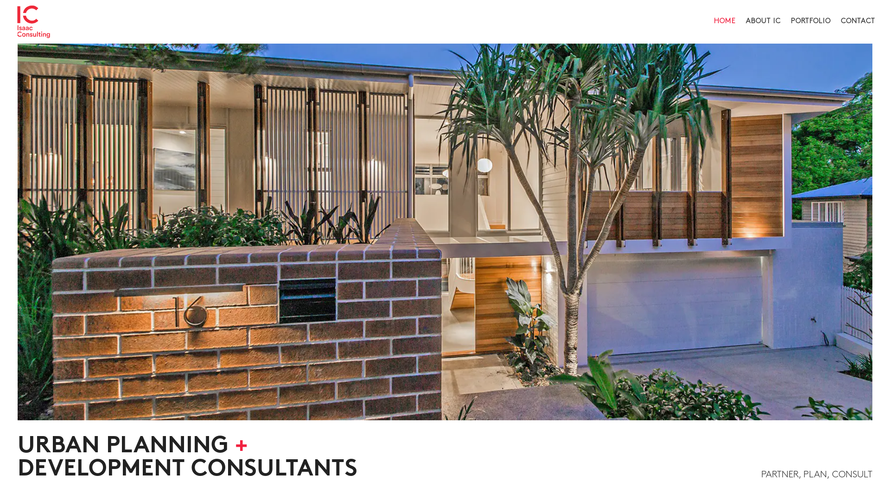  Describe the element at coordinates (810, 30) in the screenshot. I see `'PORTFOLIO'` at that location.